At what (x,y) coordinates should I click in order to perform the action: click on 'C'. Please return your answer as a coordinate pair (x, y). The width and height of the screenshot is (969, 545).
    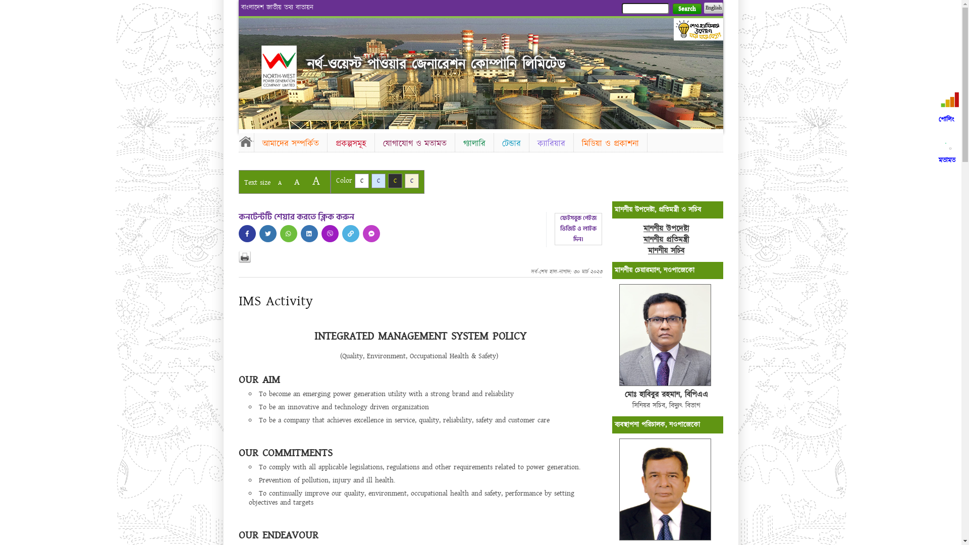
    Looking at the image, I should click on (361, 180).